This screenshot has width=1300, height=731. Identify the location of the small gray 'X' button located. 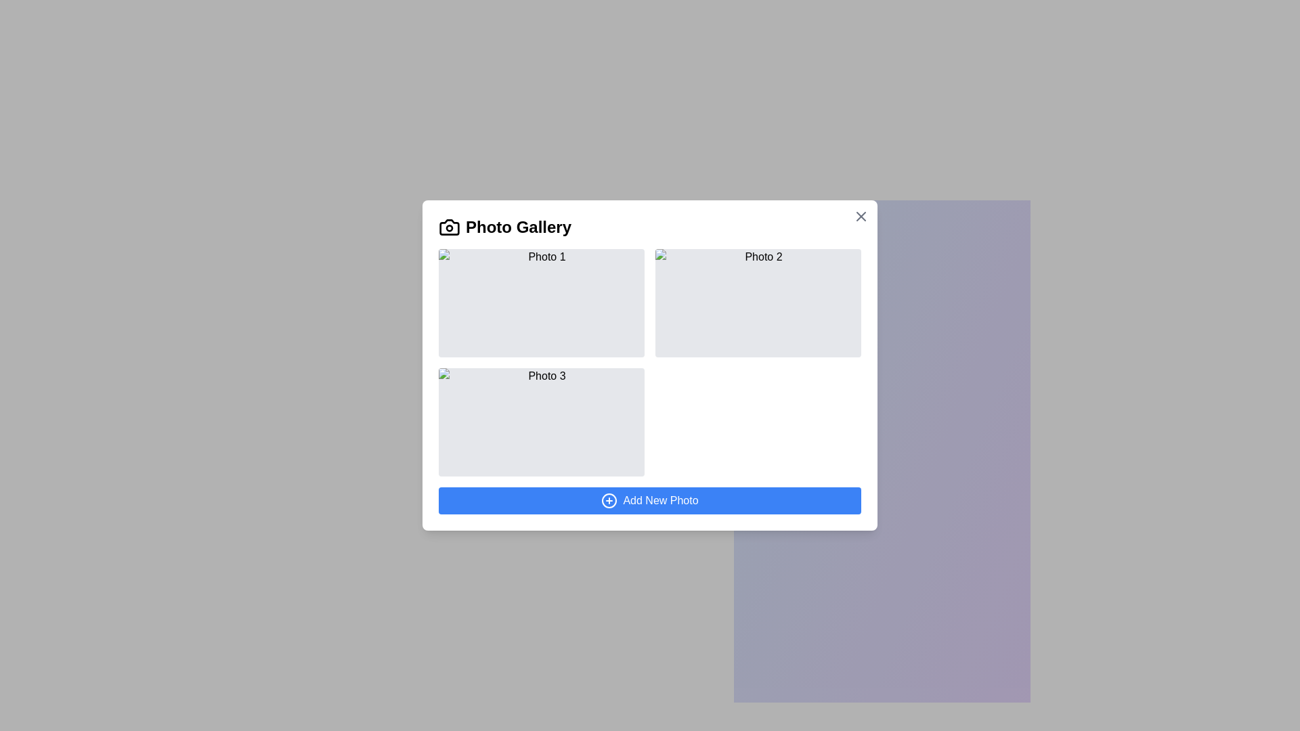
(861, 216).